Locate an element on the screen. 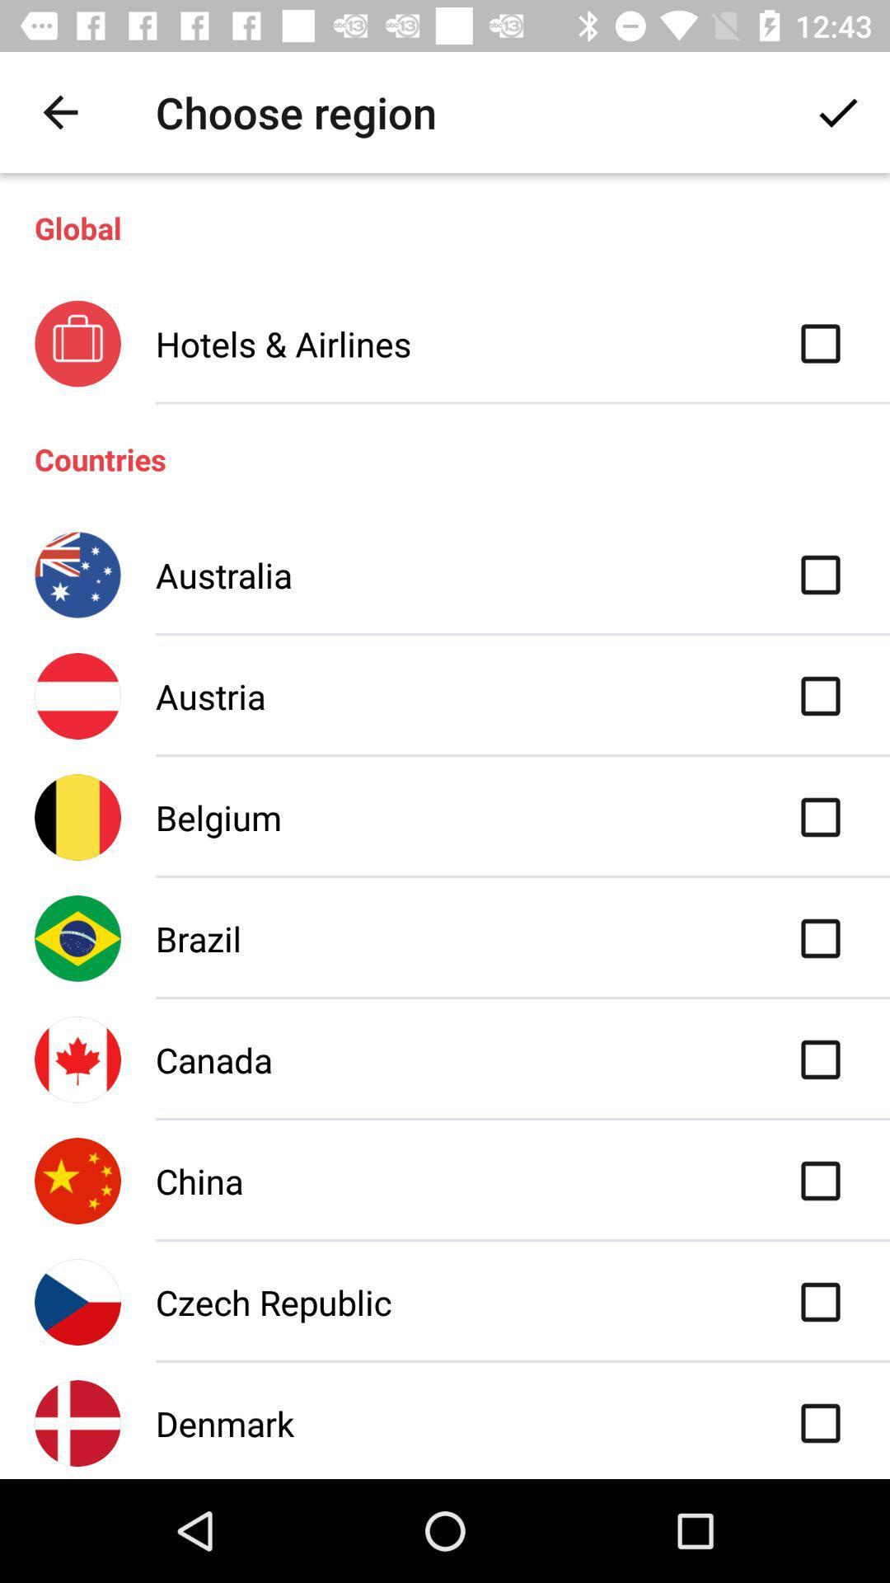 The height and width of the screenshot is (1583, 890). icon above the global icon is located at coordinates (838, 111).